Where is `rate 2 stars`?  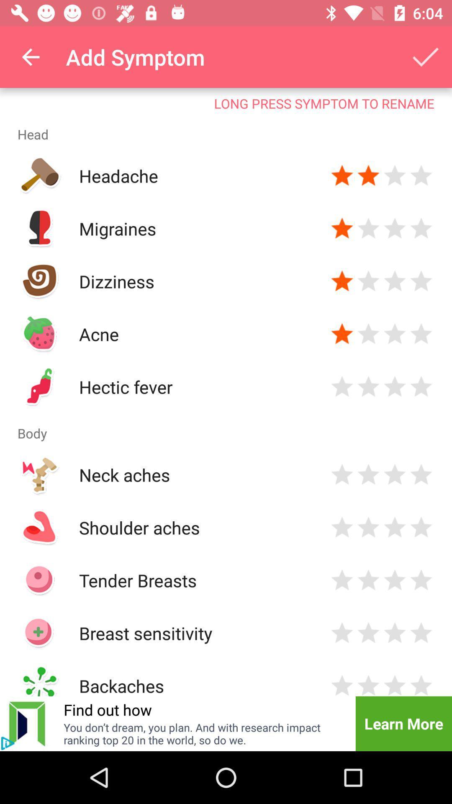 rate 2 stars is located at coordinates (368, 387).